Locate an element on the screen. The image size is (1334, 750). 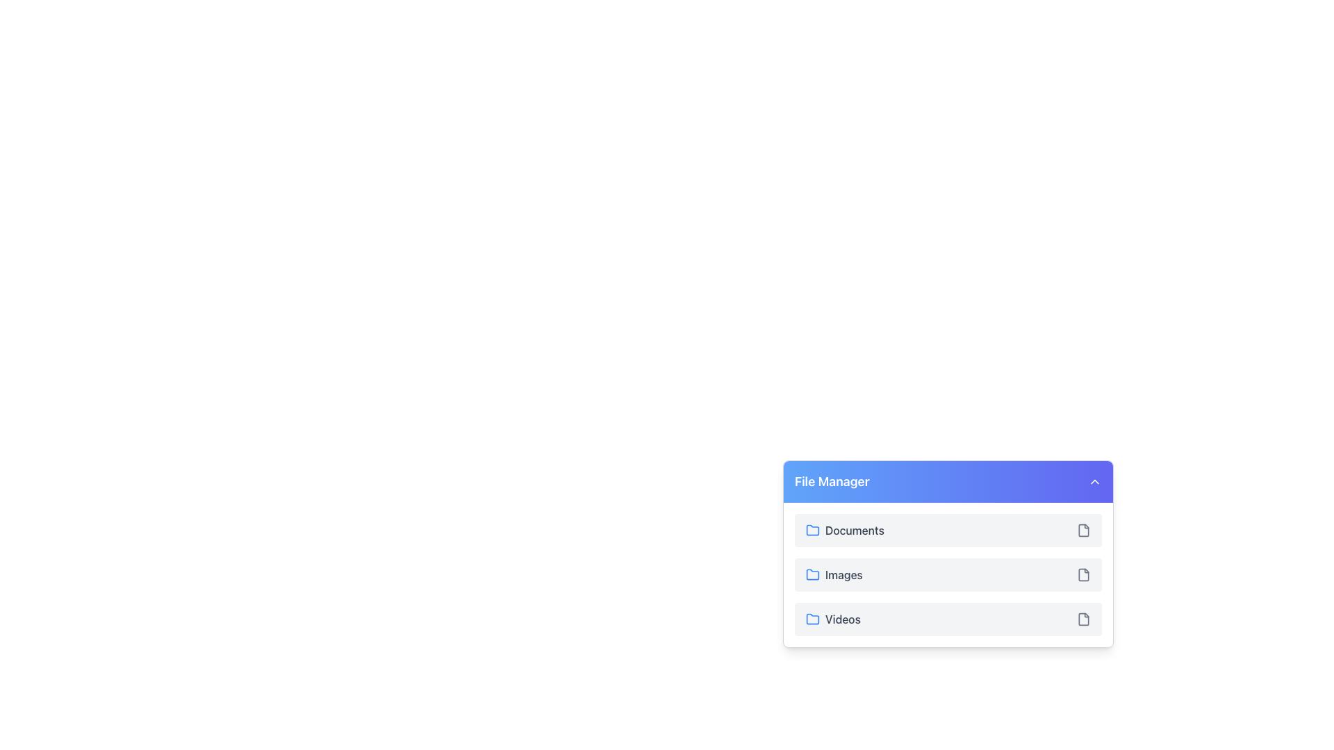
the text label that identifies the folder containing video-related files, located in the 'File Manager' section, last in the list after the blue folder icon is located at coordinates (842, 618).